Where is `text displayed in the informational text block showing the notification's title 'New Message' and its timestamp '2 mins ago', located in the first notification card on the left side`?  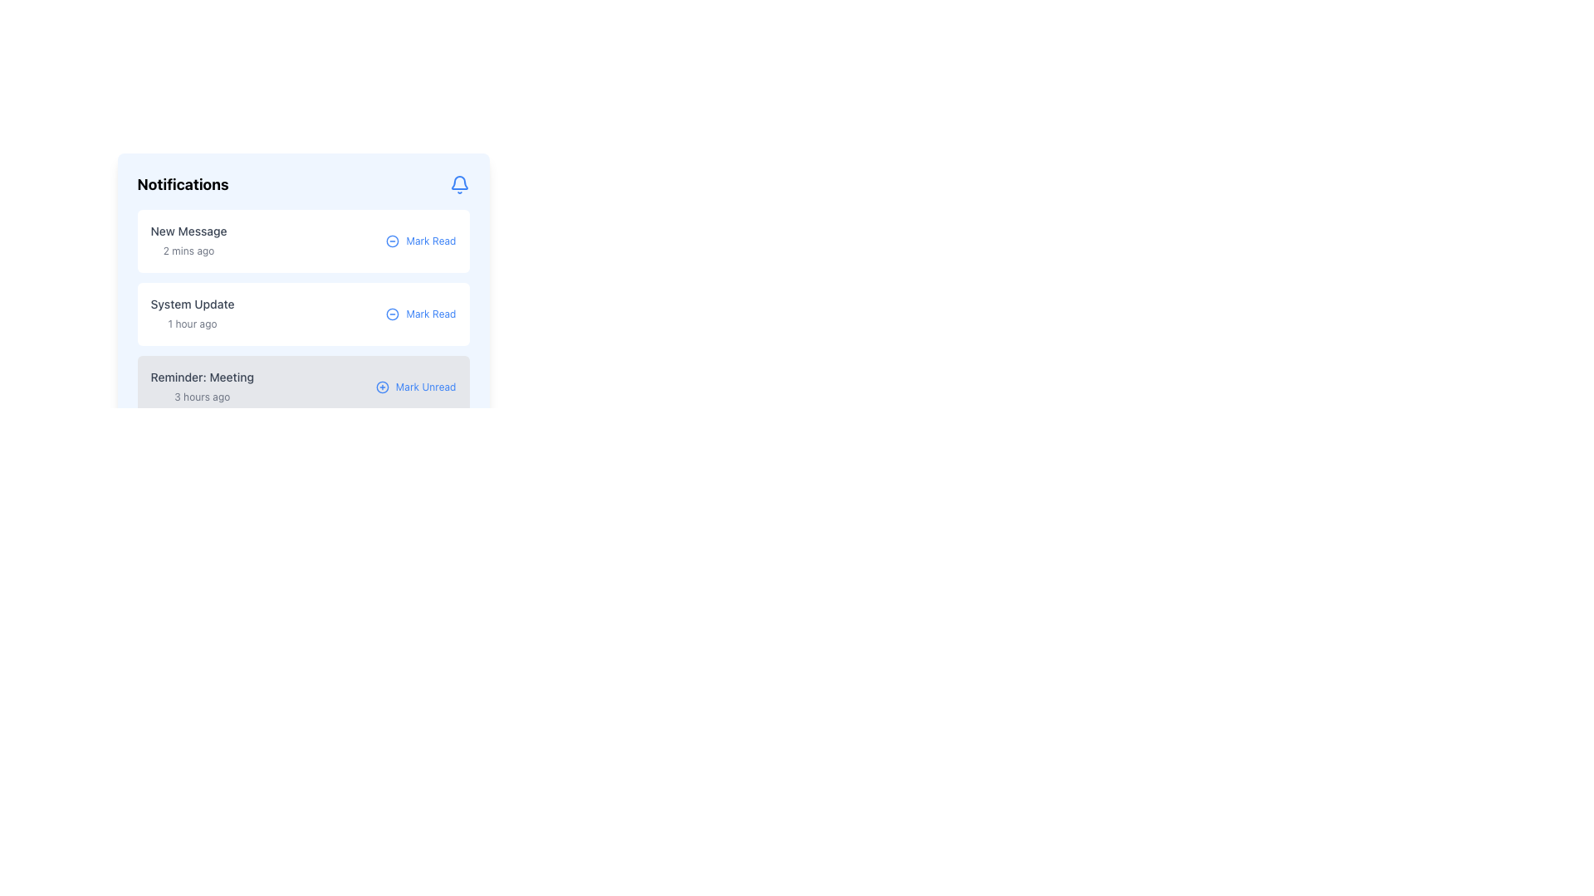
text displayed in the informational text block showing the notification's title 'New Message' and its timestamp '2 mins ago', located in the first notification card on the left side is located at coordinates (188, 241).